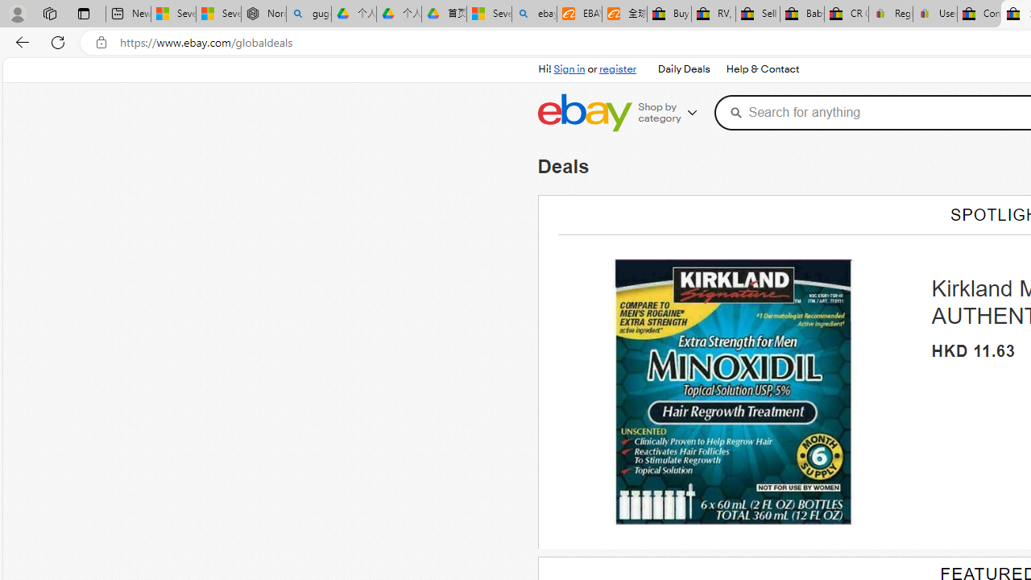  Describe the element at coordinates (534, 14) in the screenshot. I see `'ebay - Search'` at that location.